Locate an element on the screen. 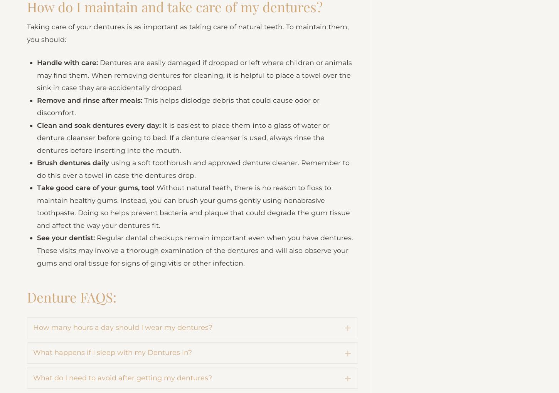 This screenshot has width=559, height=393. 'Handle with care:' is located at coordinates (68, 105).